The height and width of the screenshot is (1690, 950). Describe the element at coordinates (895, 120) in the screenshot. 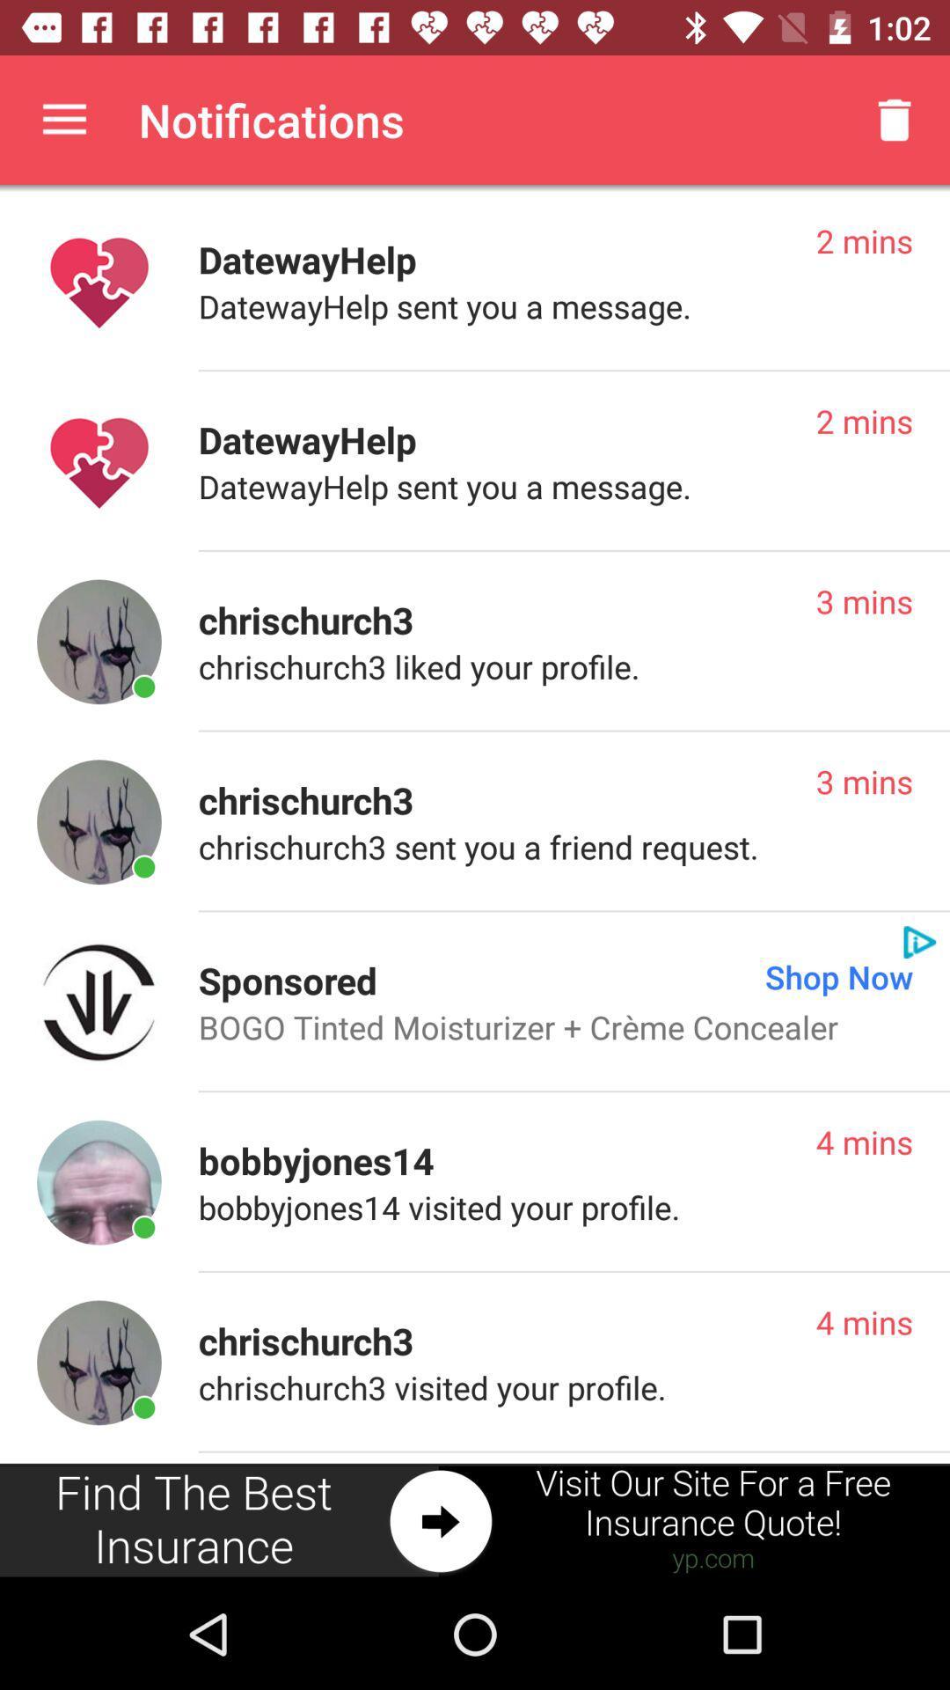

I see `the icon present in the top most right corner` at that location.